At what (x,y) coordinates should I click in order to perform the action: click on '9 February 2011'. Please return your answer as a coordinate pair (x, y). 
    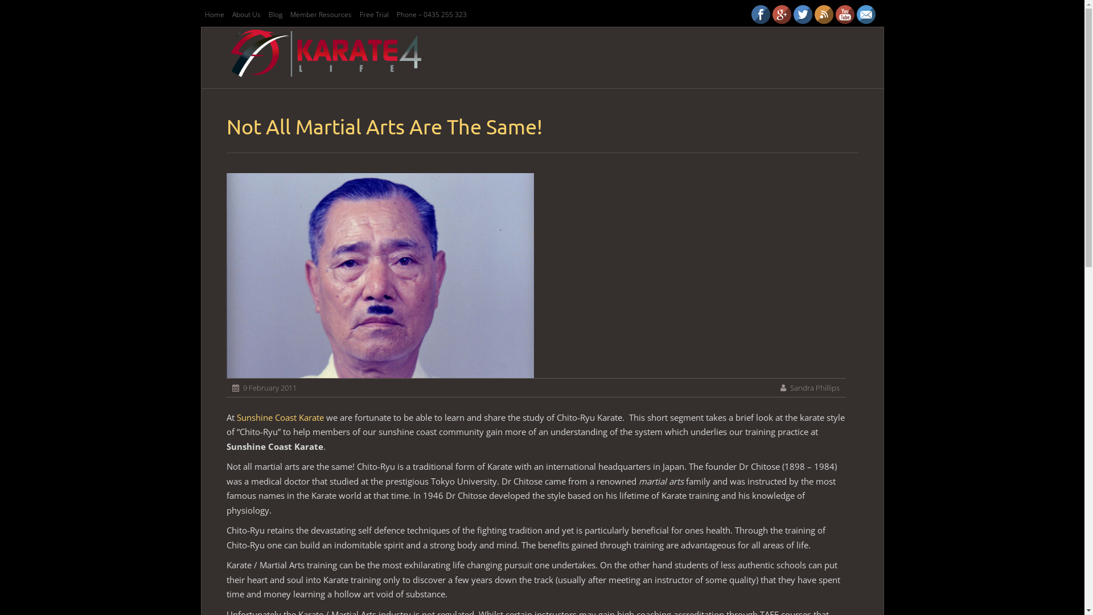
    Looking at the image, I should click on (242, 387).